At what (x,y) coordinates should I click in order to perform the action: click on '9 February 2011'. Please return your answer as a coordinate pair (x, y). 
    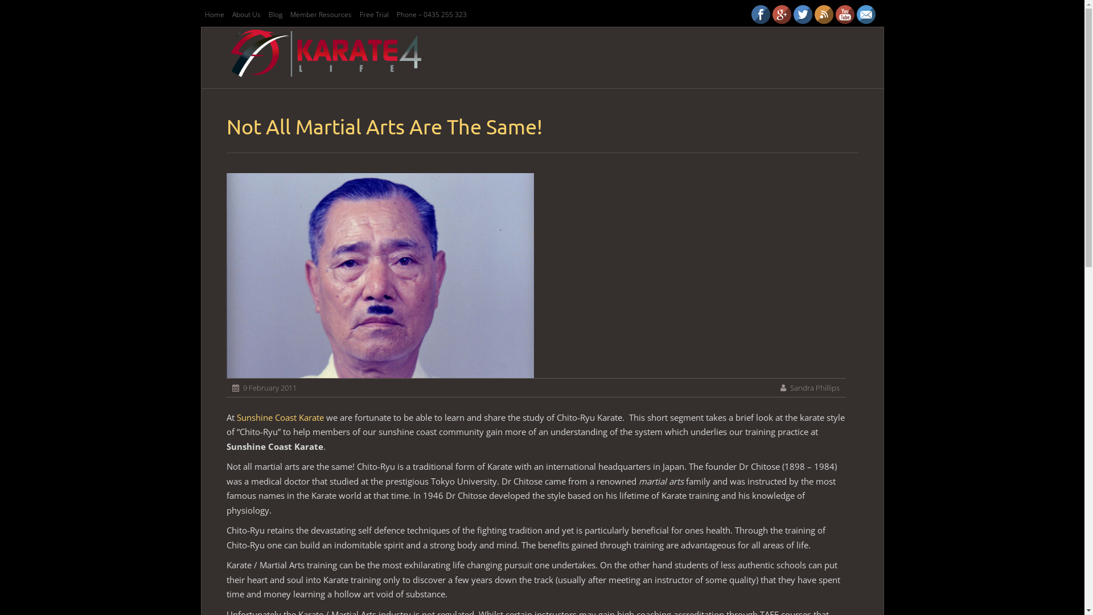
    Looking at the image, I should click on (242, 387).